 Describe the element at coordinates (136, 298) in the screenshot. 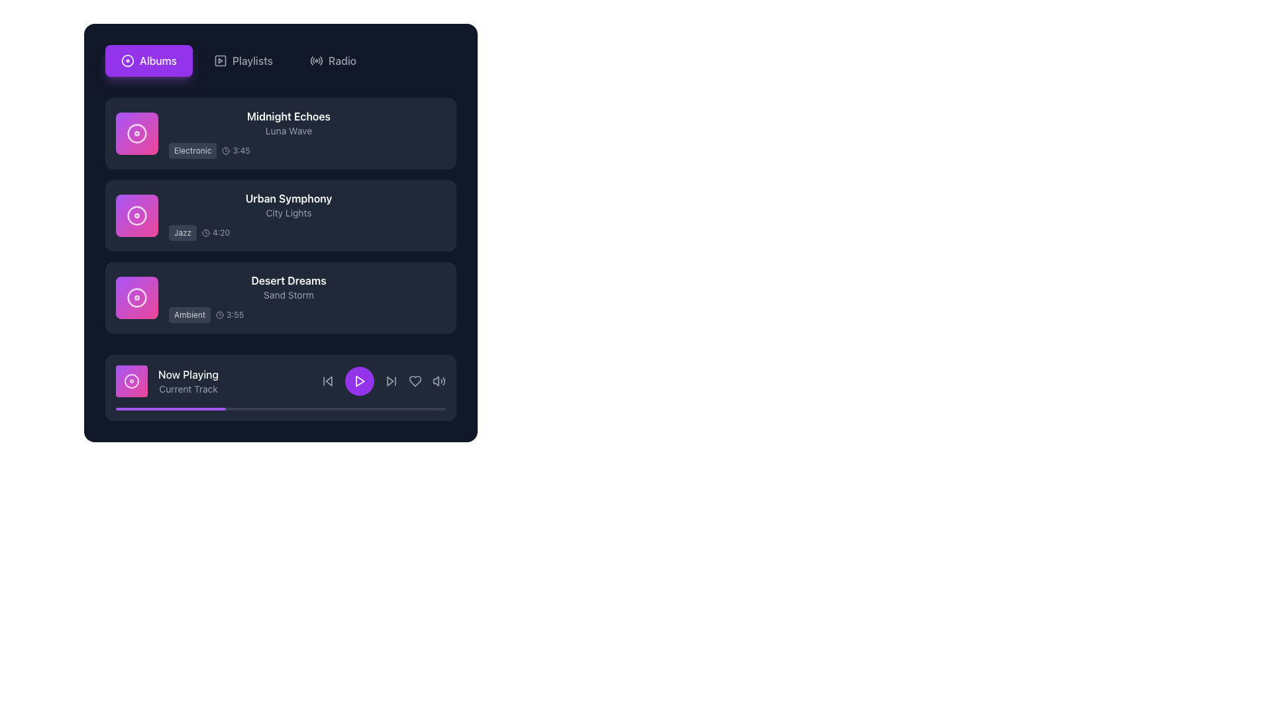

I see `the album art icon for the track 'Desert Dreams' by 'Sand Storm', which is represented by a square tile with a gradient background and a circular disc icon` at that location.